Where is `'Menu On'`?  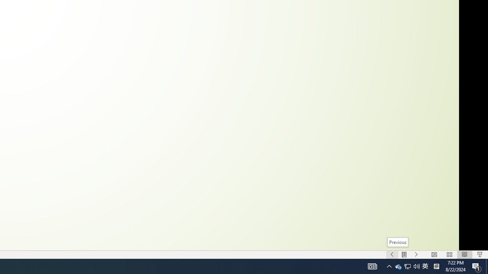
'Menu On' is located at coordinates (404, 255).